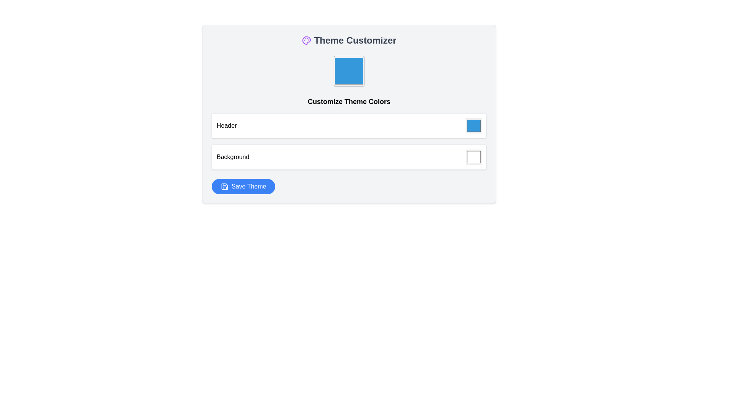 The image size is (735, 413). I want to click on the palette icon with a purple outline and circular notches, which is located to the left of the 'Theme Customizer' title text, so click(306, 40).